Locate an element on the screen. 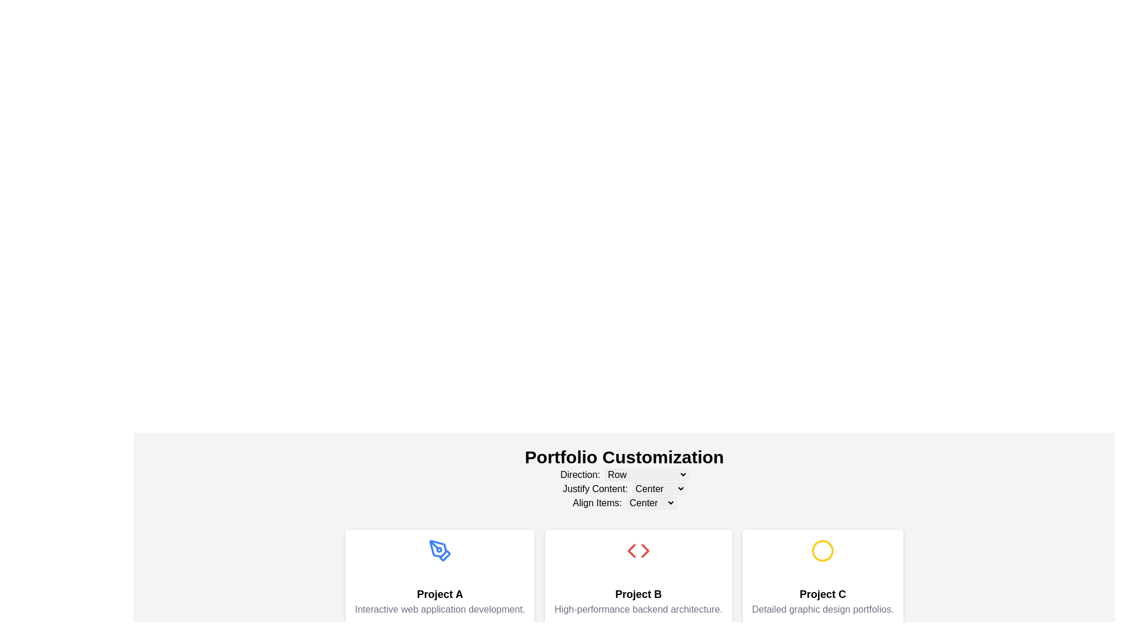 The width and height of the screenshot is (1130, 635). the 'Direction:' label which is a section title displayed in bold near the top of the settings section, to associate it with its control is located at coordinates (580, 474).